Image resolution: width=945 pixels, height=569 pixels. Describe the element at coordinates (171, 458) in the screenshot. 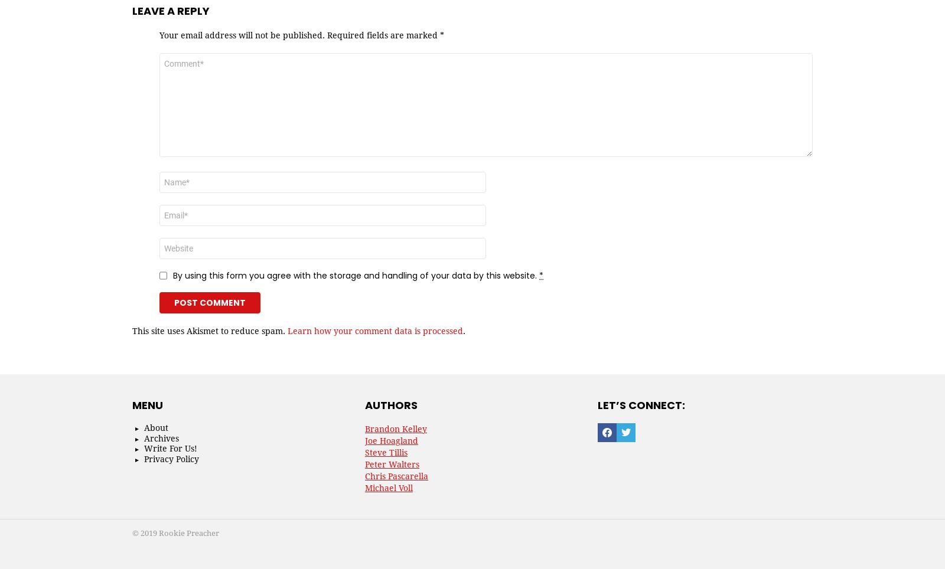

I see `'Privacy Policy'` at that location.